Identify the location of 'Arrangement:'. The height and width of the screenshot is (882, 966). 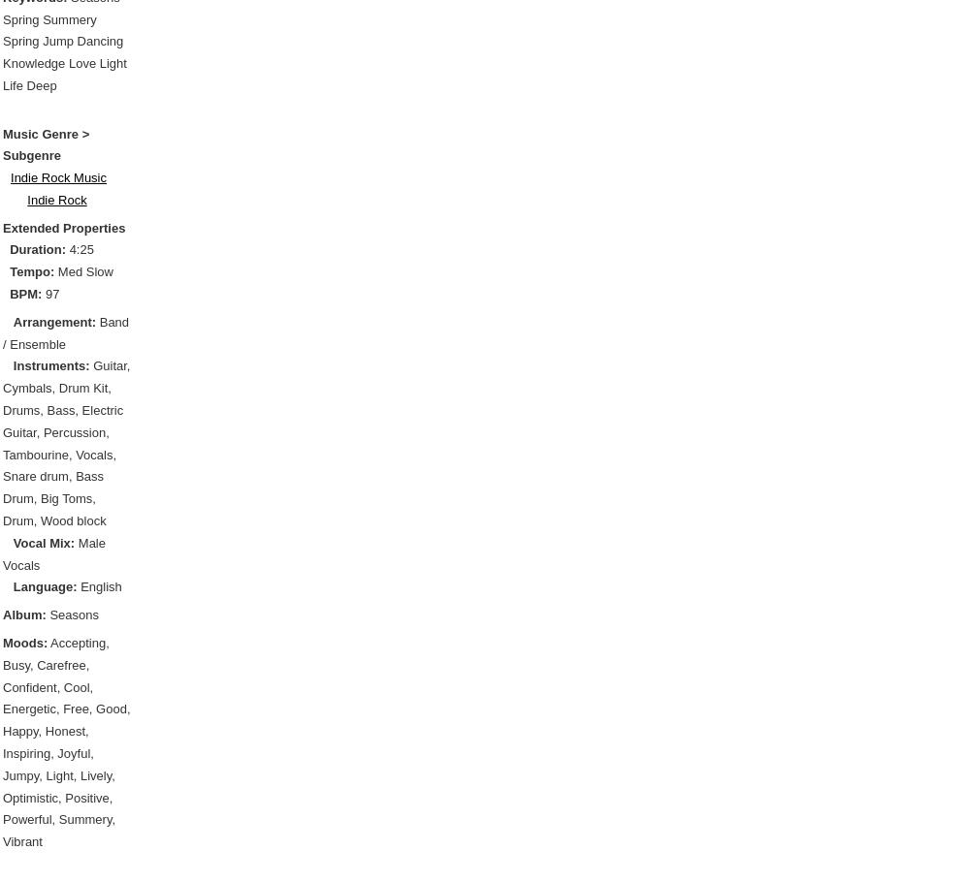
(13, 320).